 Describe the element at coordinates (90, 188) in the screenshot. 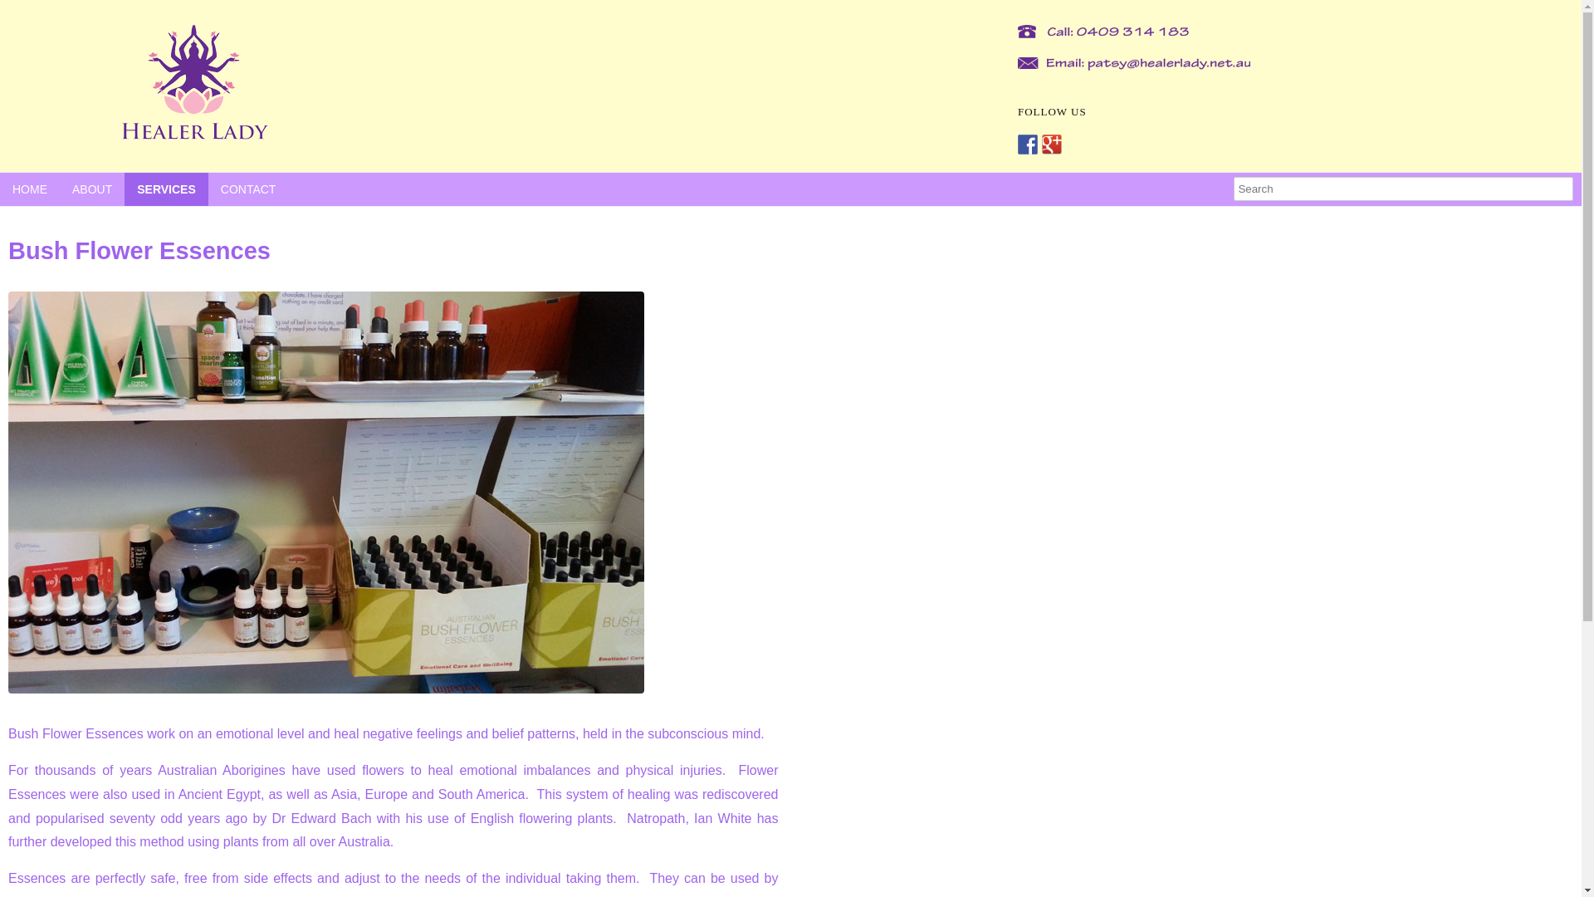

I see `'ABOUT'` at that location.